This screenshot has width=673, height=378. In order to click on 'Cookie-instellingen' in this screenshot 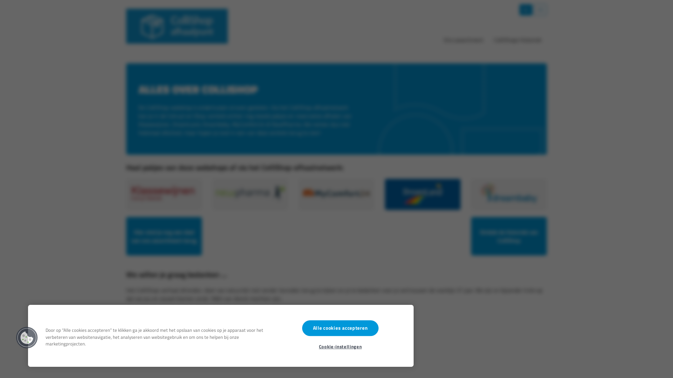, I will do `click(340, 344)`.